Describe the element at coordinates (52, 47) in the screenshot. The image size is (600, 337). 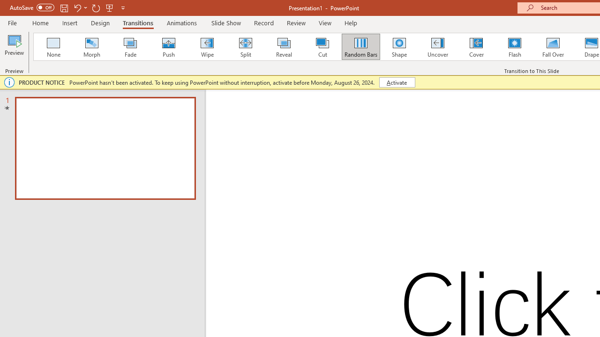
I see `'None'` at that location.